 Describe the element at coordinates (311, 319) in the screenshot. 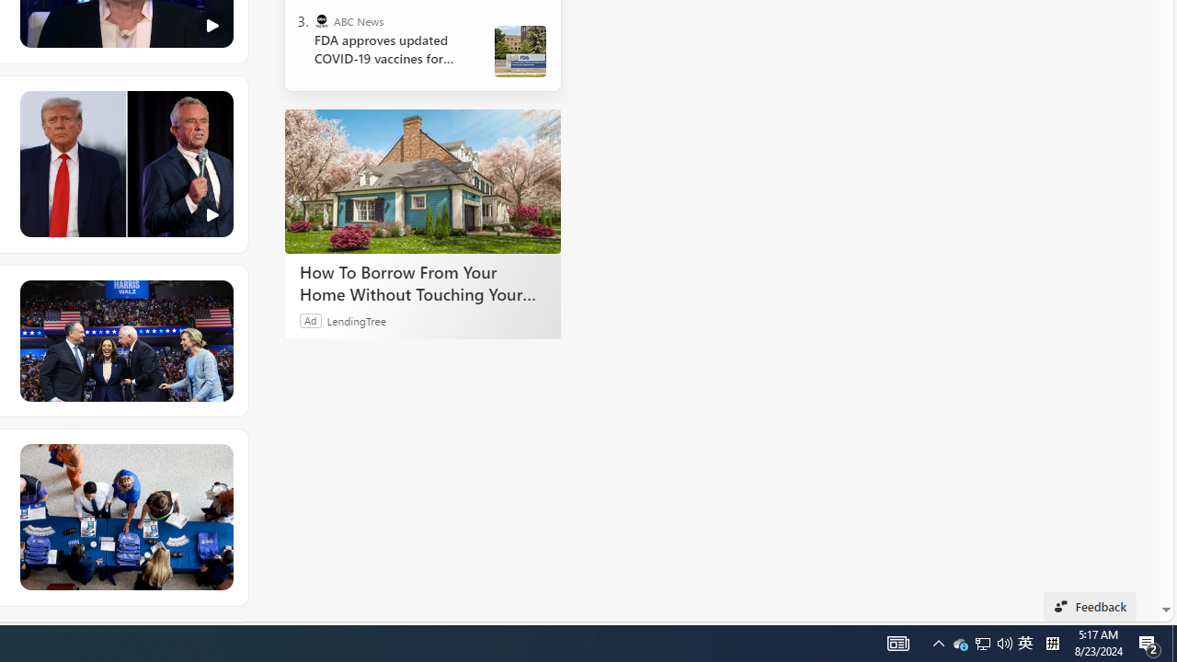

I see `'Ad'` at that location.